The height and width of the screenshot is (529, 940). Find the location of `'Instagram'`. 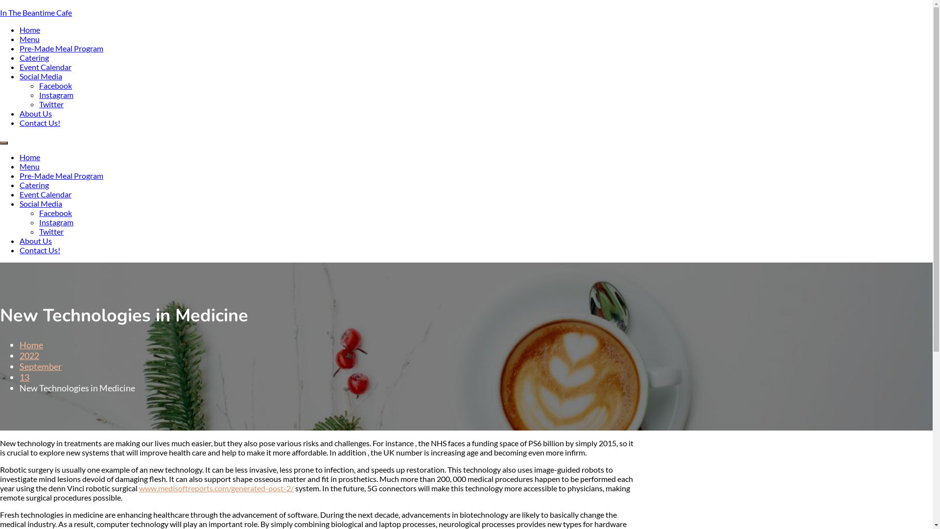

'Instagram' is located at coordinates (56, 95).